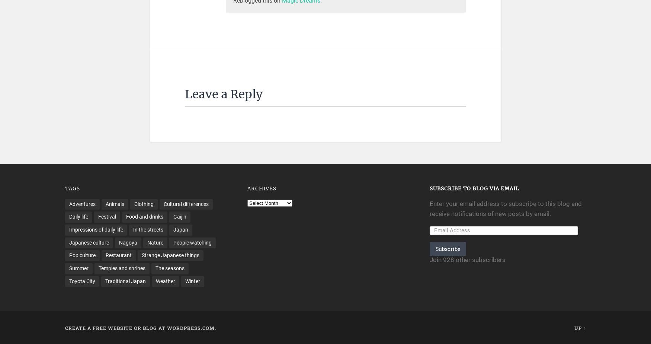 This screenshot has height=344, width=651. Describe the element at coordinates (115, 203) in the screenshot. I see `'Animals'` at that location.